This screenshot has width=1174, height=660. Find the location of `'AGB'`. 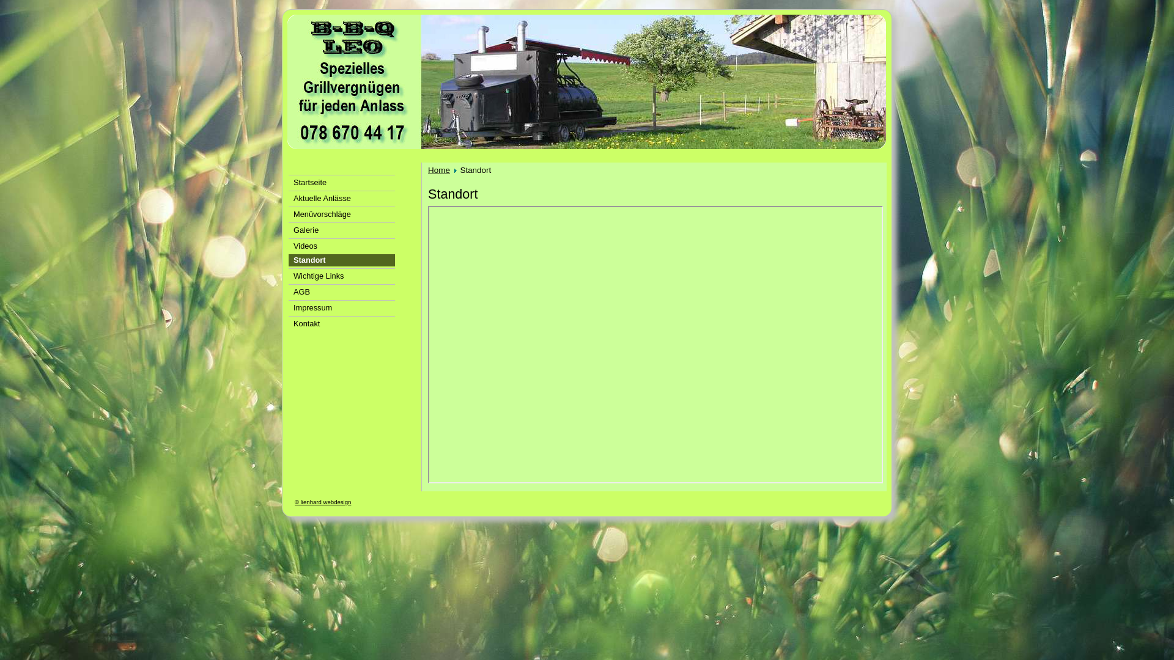

'AGB' is located at coordinates (287, 291).